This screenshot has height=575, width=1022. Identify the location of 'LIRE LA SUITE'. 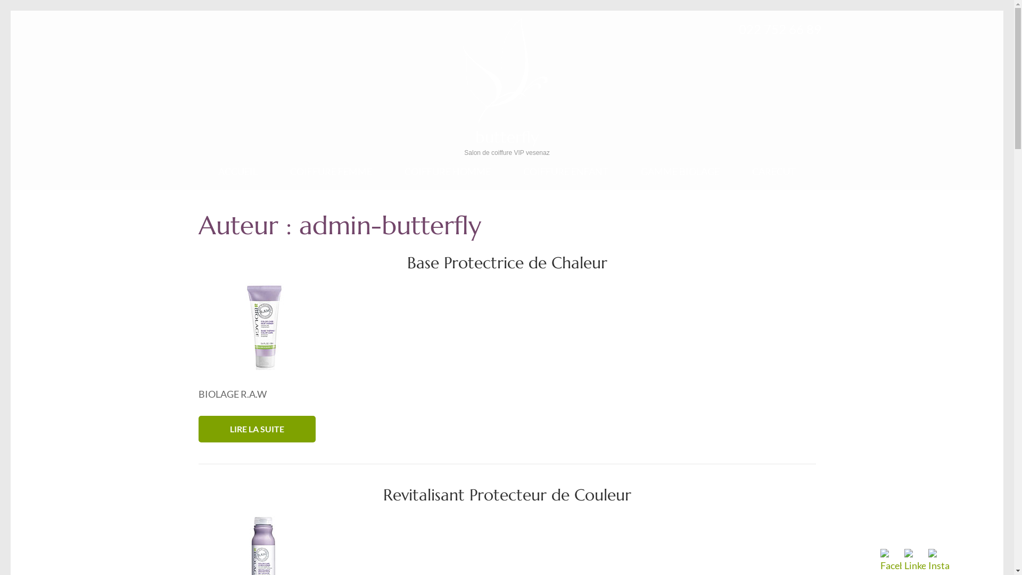
(256, 429).